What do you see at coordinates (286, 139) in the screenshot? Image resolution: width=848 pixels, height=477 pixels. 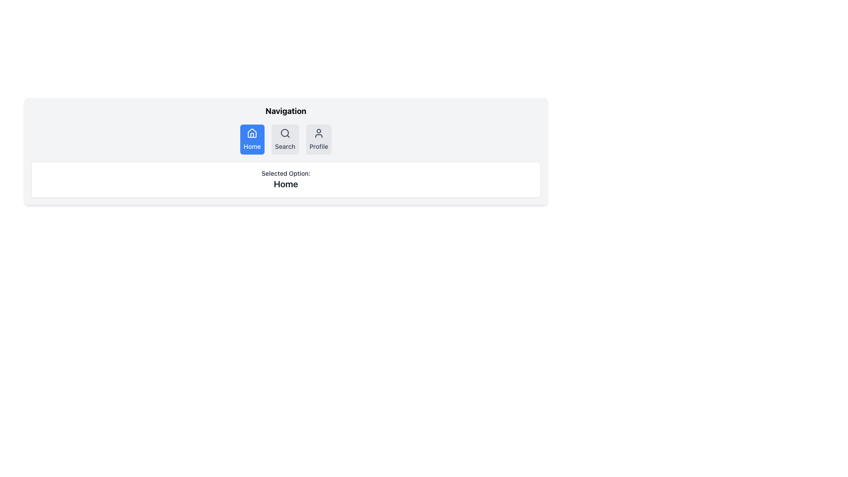 I see `the 'Search' button in the horizontal navigation menu` at bounding box center [286, 139].